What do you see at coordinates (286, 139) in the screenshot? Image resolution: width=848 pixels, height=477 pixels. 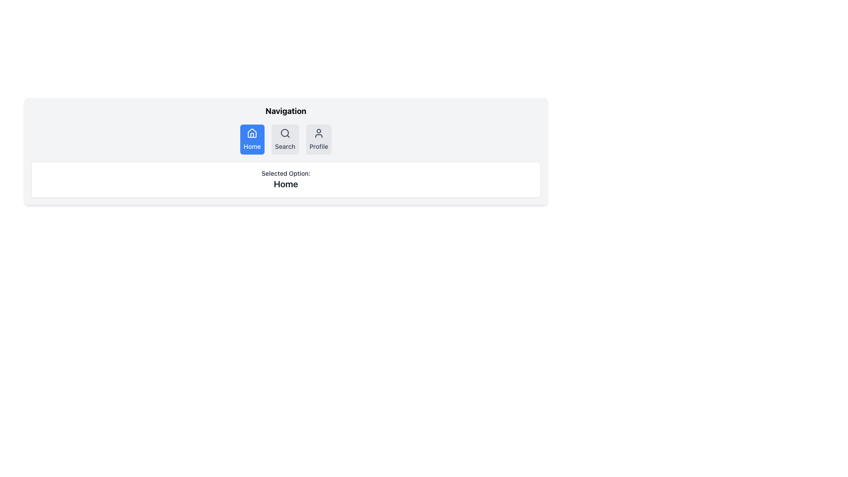 I see `the 'Search' button in the horizontal navigation menu` at bounding box center [286, 139].